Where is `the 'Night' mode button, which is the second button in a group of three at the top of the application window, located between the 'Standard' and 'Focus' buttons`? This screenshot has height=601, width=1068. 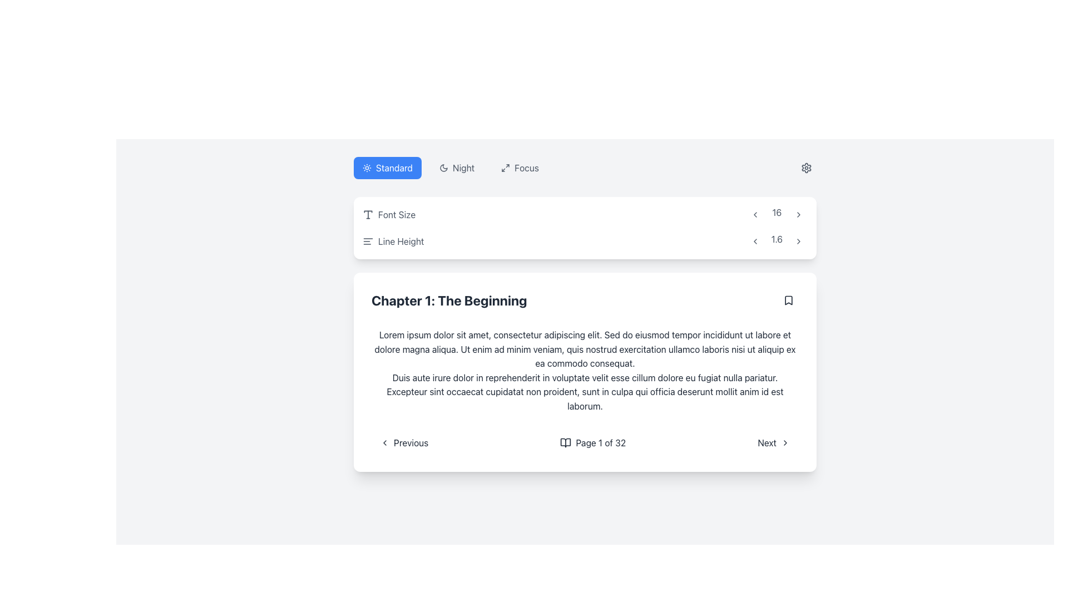 the 'Night' mode button, which is the second button in a group of three at the top of the application window, located between the 'Standard' and 'Focus' buttons is located at coordinates (451, 168).